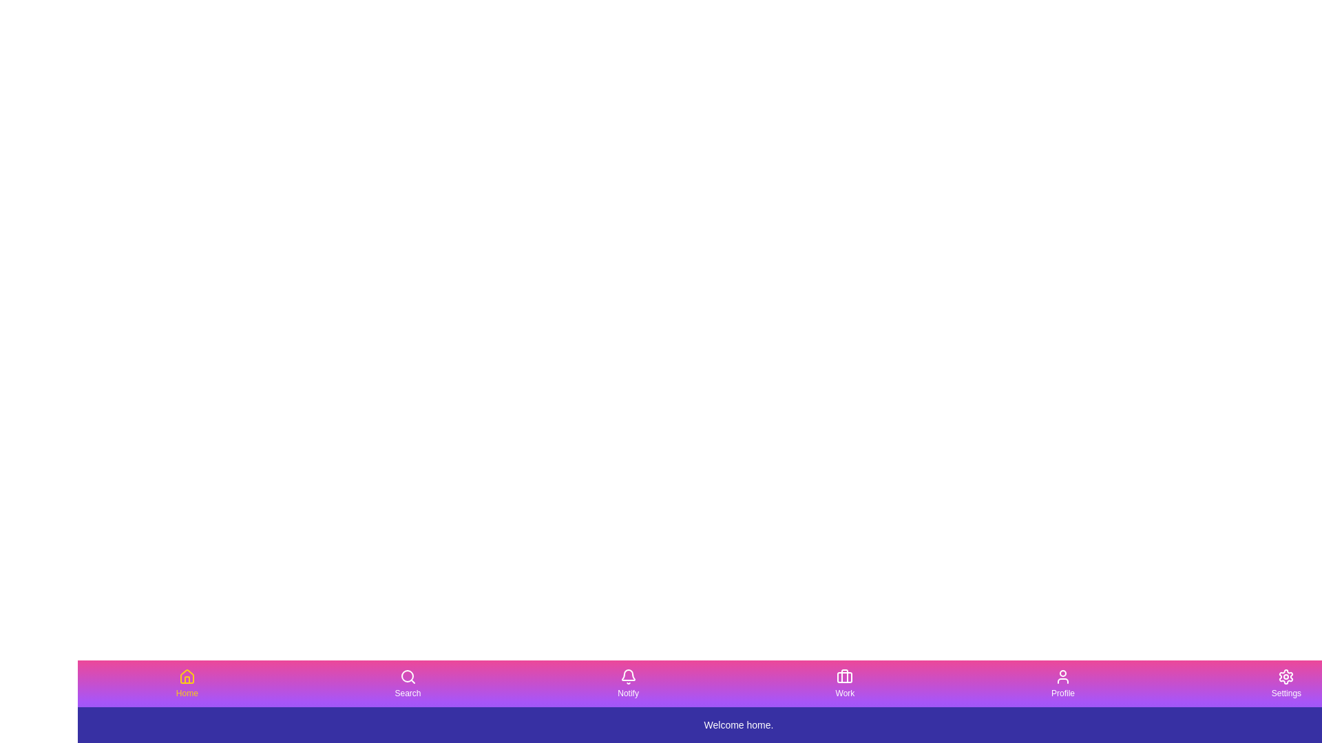 This screenshot has width=1322, height=743. I want to click on the Work button, so click(844, 684).